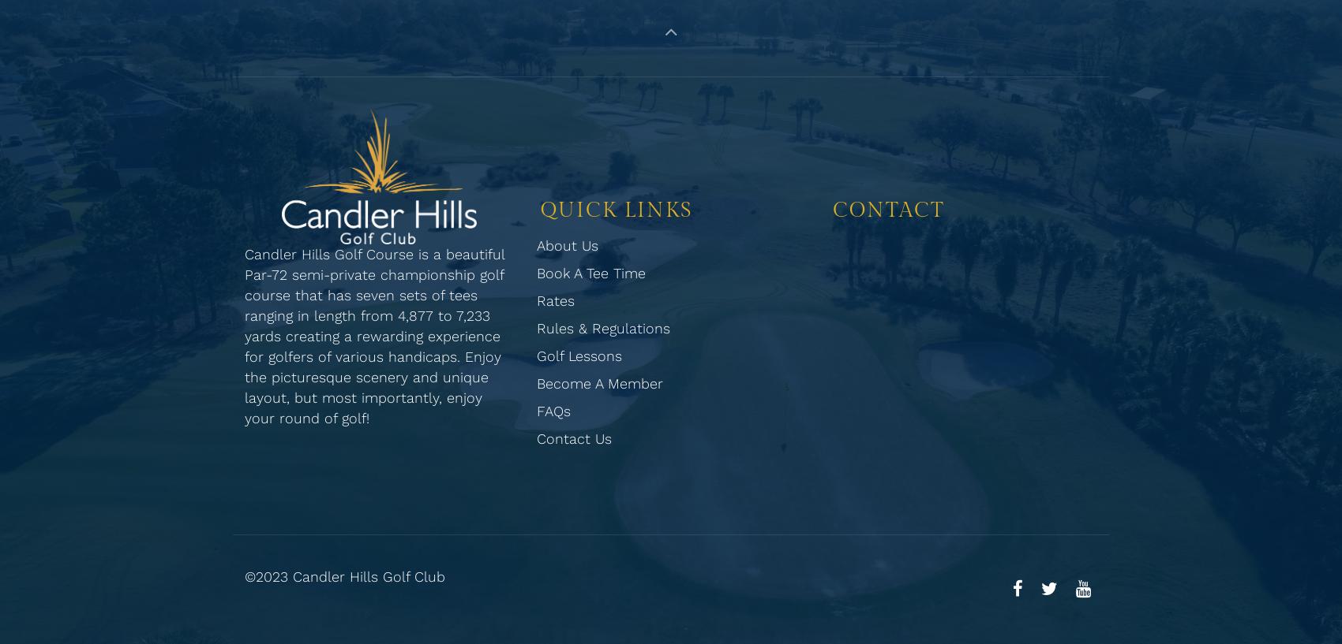 Image resolution: width=1342 pixels, height=644 pixels. I want to click on 'CONTACT', so click(889, 210).